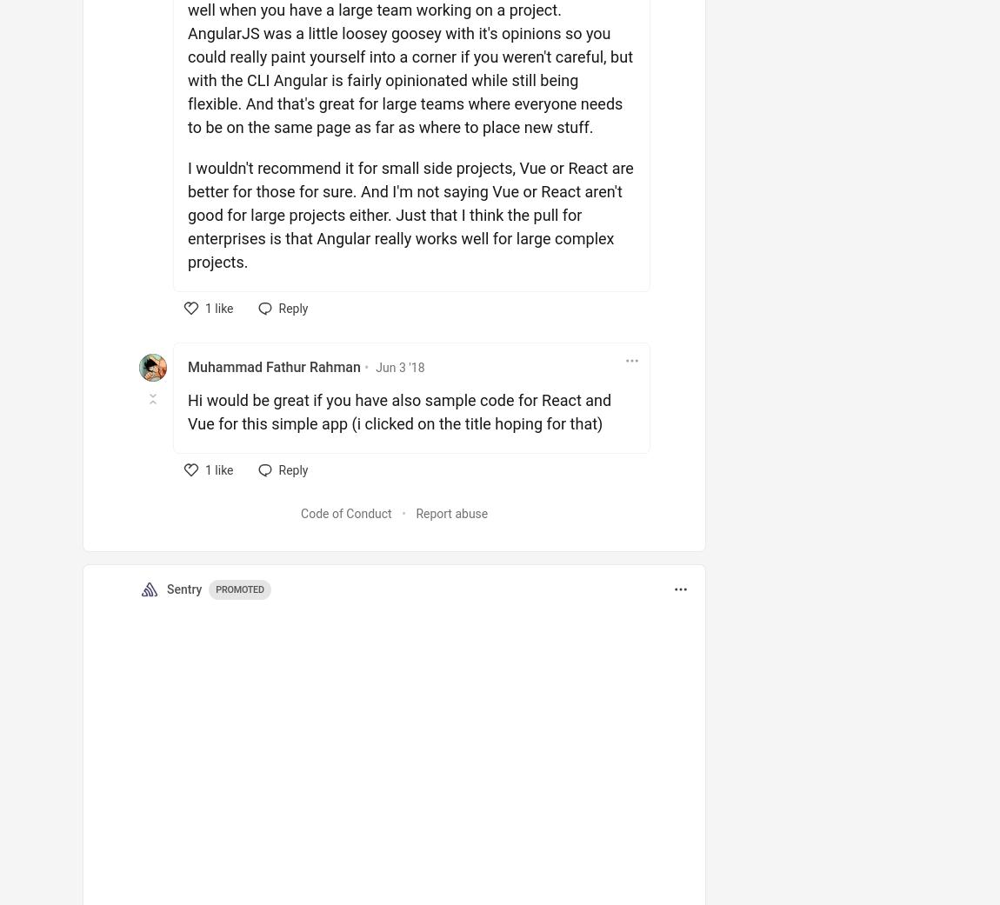 The height and width of the screenshot is (905, 1000). I want to click on 'Code of Conduct', so click(346, 513).